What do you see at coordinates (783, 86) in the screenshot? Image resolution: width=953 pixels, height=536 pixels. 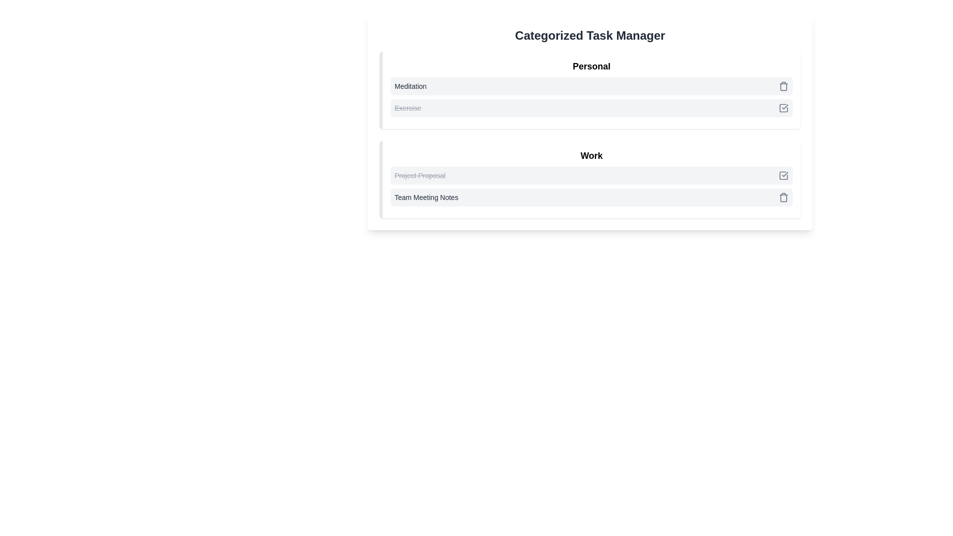 I see `the trash icon located adjacent to the right side of the 'Exercise' task in the 'Personal' category` at bounding box center [783, 86].